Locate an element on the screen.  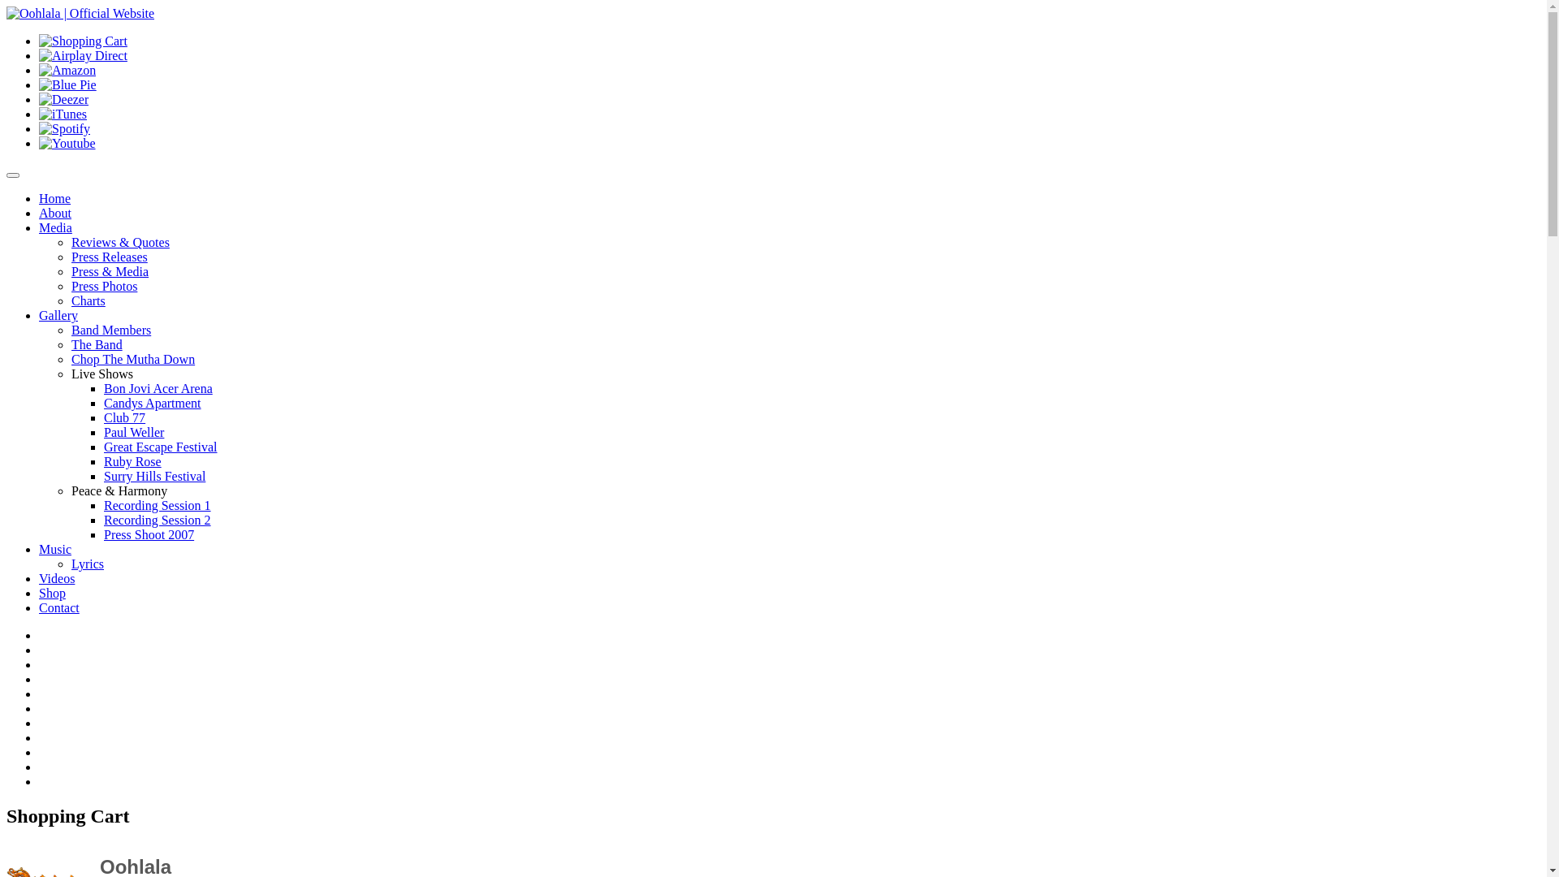
'Shopping Cart' is located at coordinates (39, 40).